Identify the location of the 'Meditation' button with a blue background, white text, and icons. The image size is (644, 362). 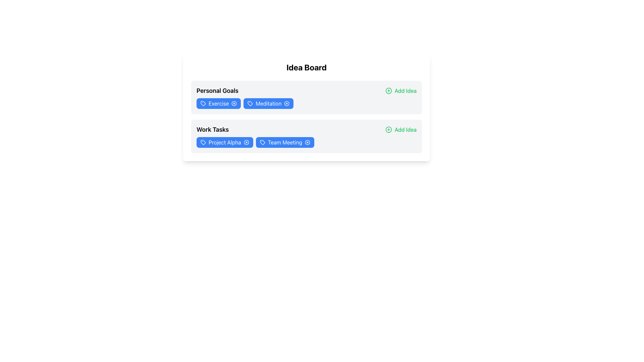
(269, 103).